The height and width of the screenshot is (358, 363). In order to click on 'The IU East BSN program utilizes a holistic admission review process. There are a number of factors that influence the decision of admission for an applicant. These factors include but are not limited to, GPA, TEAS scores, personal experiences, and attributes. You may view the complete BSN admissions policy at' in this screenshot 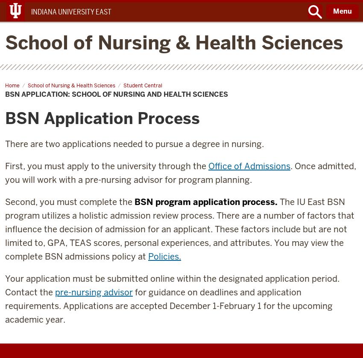, I will do `click(4, 229)`.